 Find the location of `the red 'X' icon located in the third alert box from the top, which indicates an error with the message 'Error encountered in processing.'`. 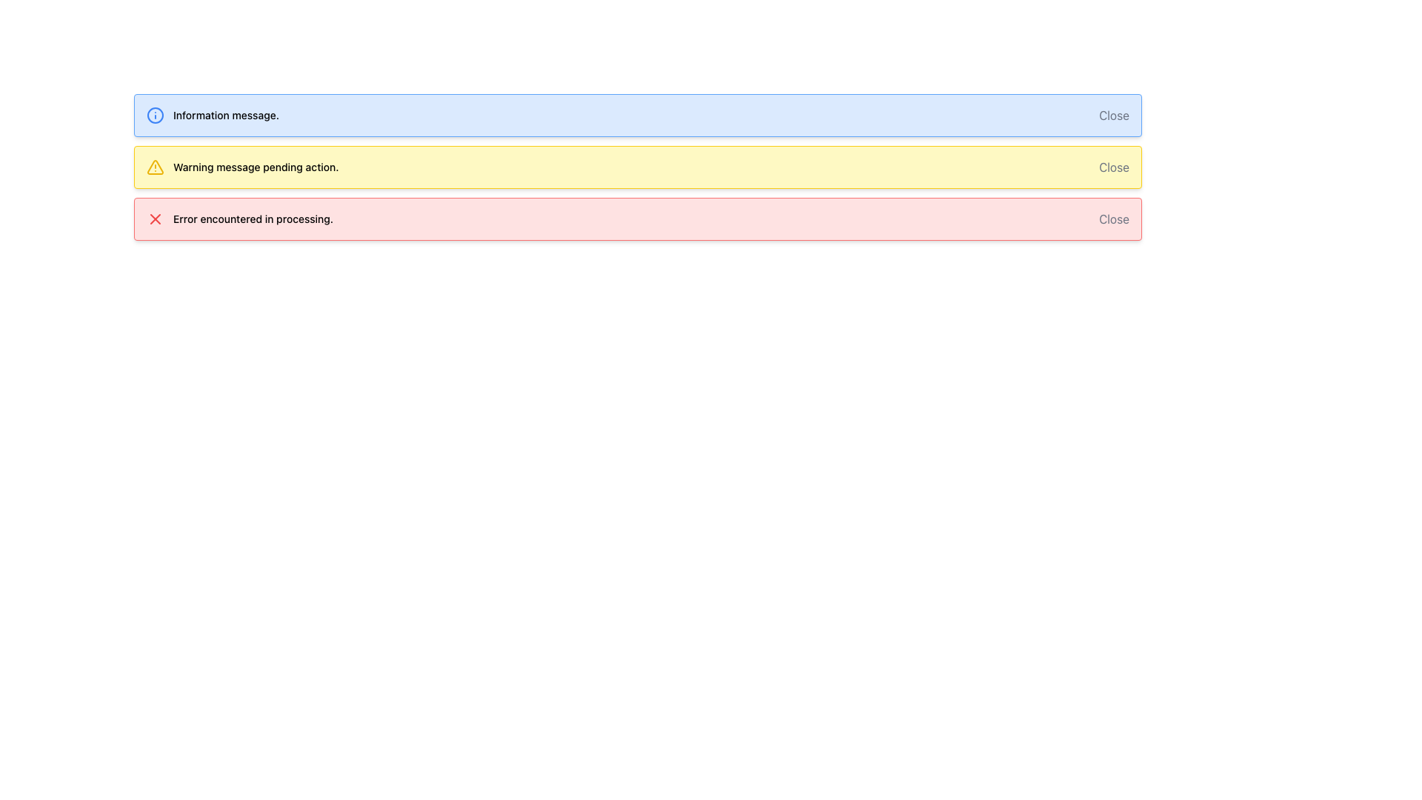

the red 'X' icon located in the third alert box from the top, which indicates an error with the message 'Error encountered in processing.' is located at coordinates (156, 219).